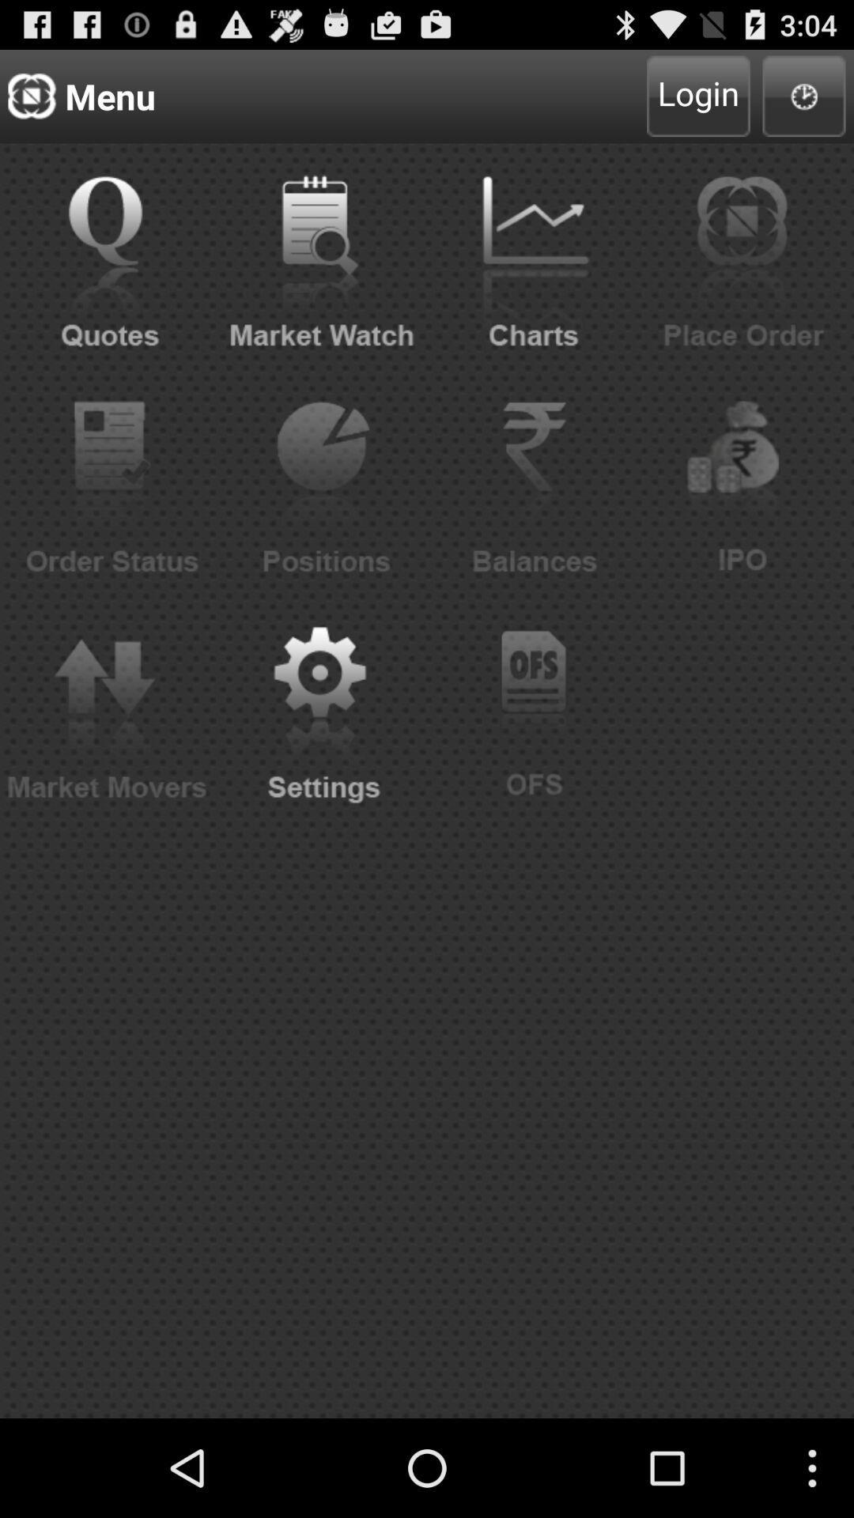  What do you see at coordinates (697, 95) in the screenshot?
I see `login icon` at bounding box center [697, 95].